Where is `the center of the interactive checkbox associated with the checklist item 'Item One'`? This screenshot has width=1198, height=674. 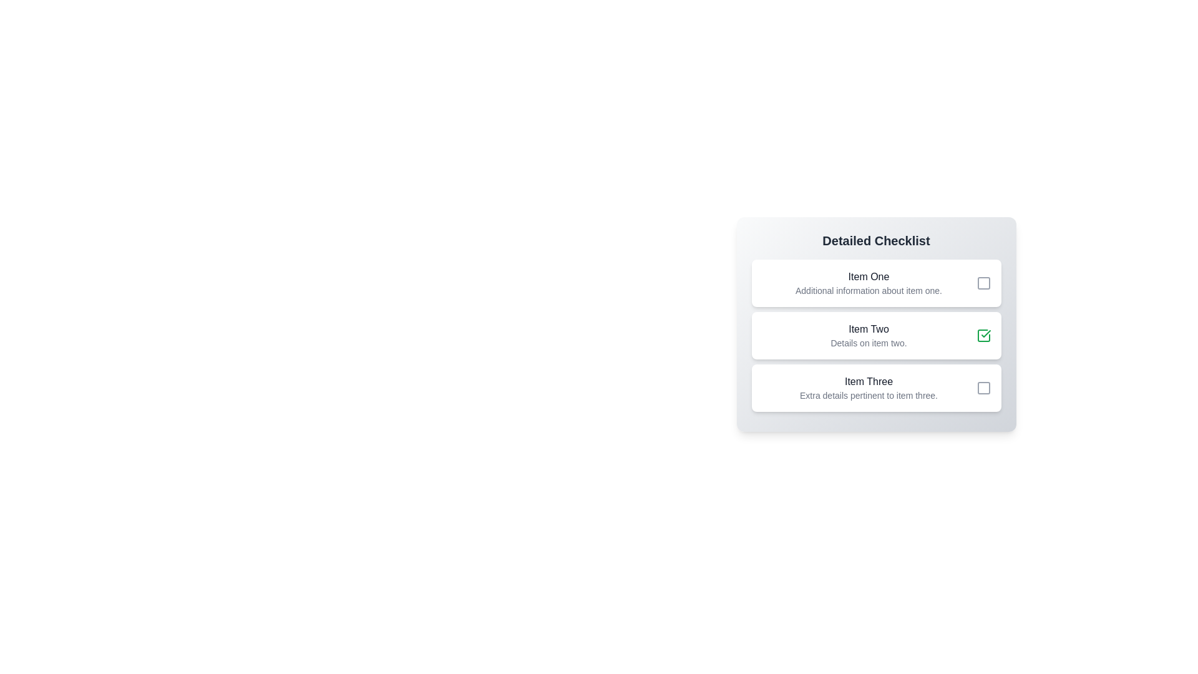 the center of the interactive checkbox associated with the checklist item 'Item One' is located at coordinates (983, 283).